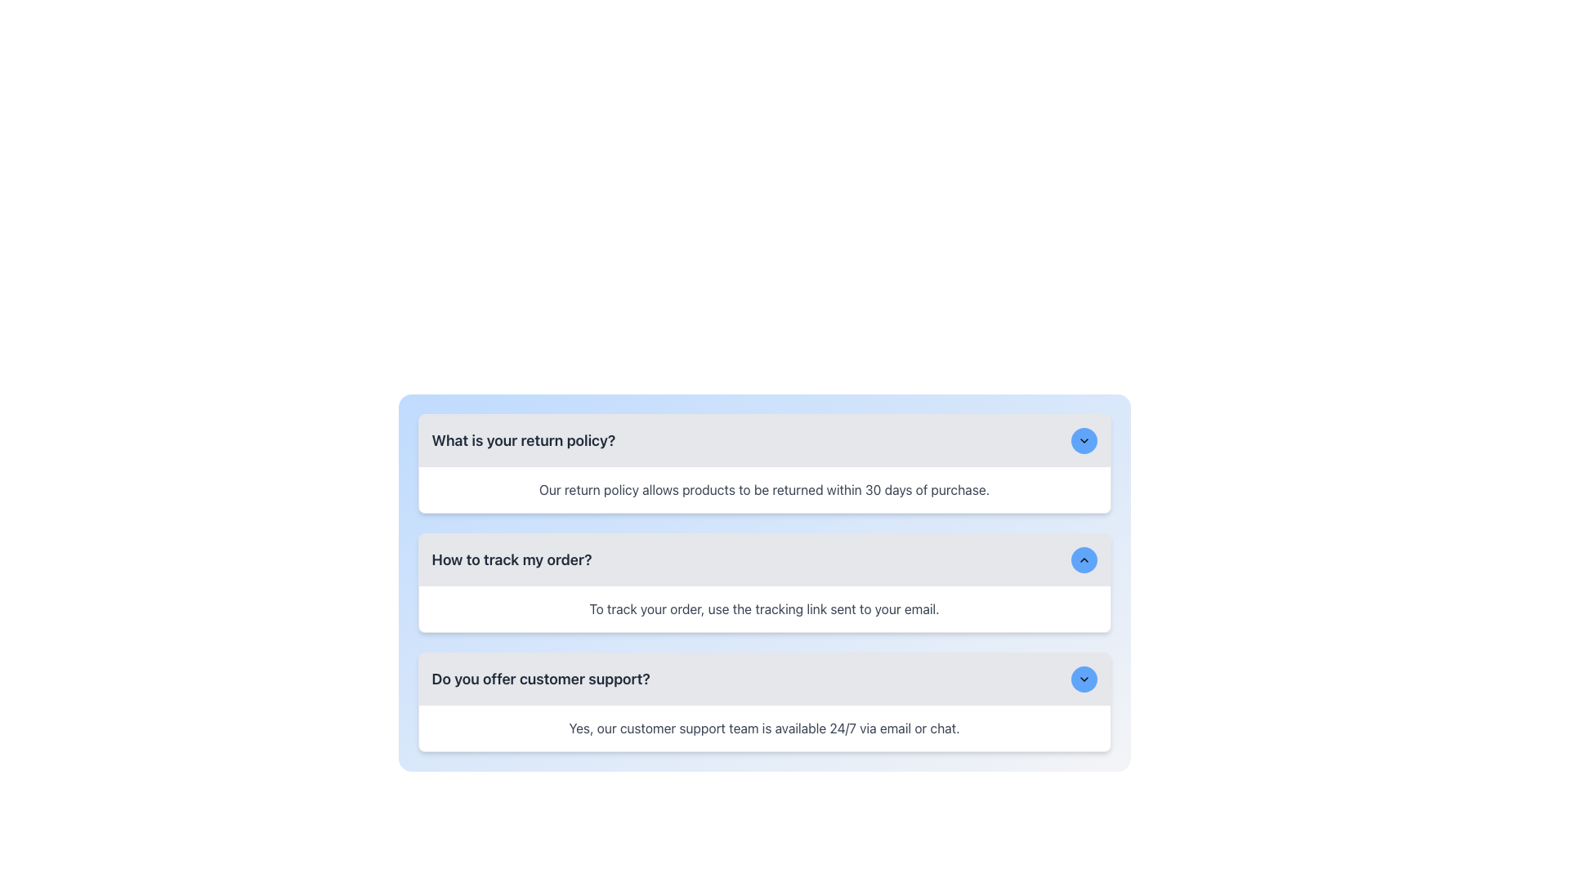 The image size is (1569, 882). Describe the element at coordinates (1084, 441) in the screenshot. I see `the chevron-shaped icon within the circular button on the right edge of the card containing the question 'What is your return policy?'` at that location.